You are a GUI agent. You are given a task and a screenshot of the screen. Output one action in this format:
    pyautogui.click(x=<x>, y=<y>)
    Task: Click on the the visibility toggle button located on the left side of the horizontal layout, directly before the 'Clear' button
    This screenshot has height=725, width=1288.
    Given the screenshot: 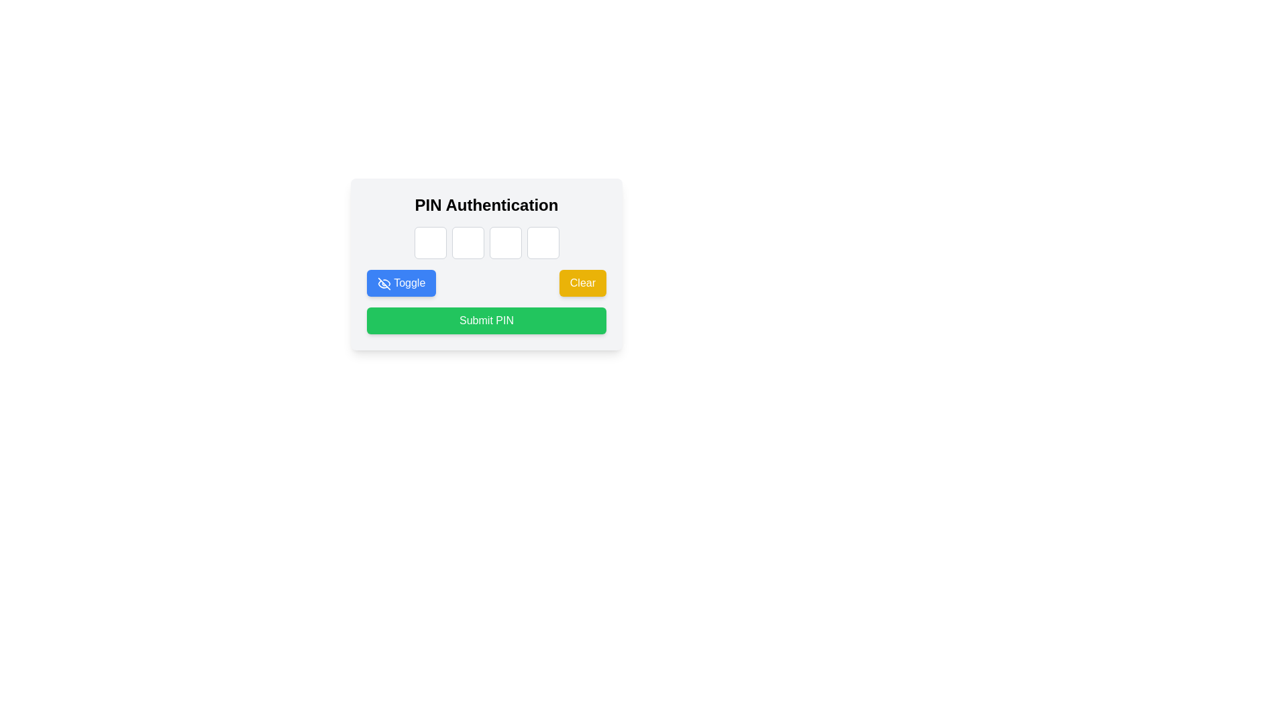 What is the action you would take?
    pyautogui.click(x=400, y=282)
    